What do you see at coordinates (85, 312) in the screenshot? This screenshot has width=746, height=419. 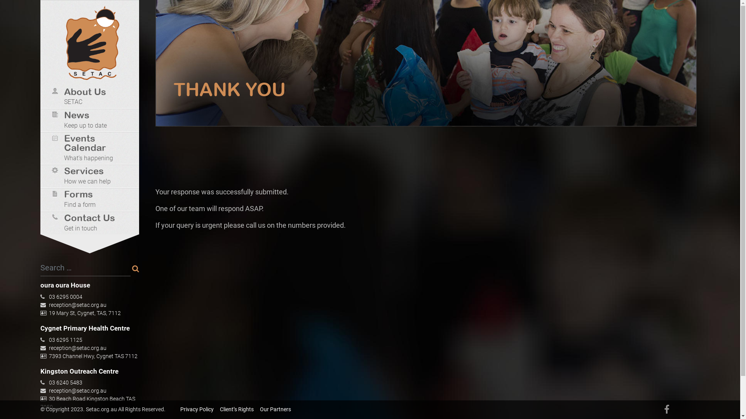 I see `'19 Mary St, Cygnet, TAS, 7112'` at bounding box center [85, 312].